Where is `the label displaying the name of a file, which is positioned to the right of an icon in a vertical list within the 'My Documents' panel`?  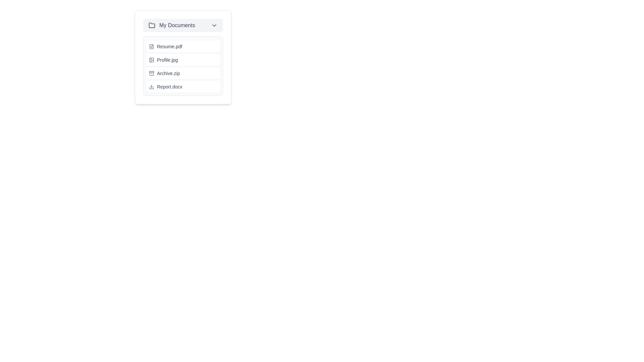 the label displaying the name of a file, which is positioned to the right of an icon in a vertical list within the 'My Documents' panel is located at coordinates (167, 59).